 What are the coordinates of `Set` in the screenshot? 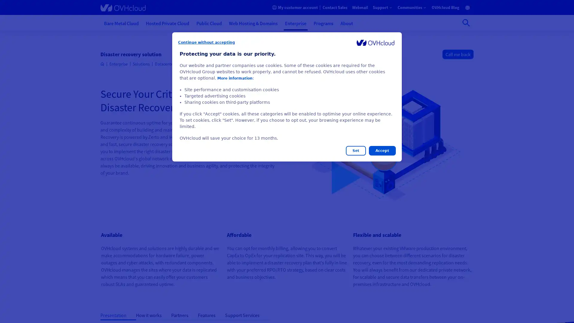 It's located at (356, 150).